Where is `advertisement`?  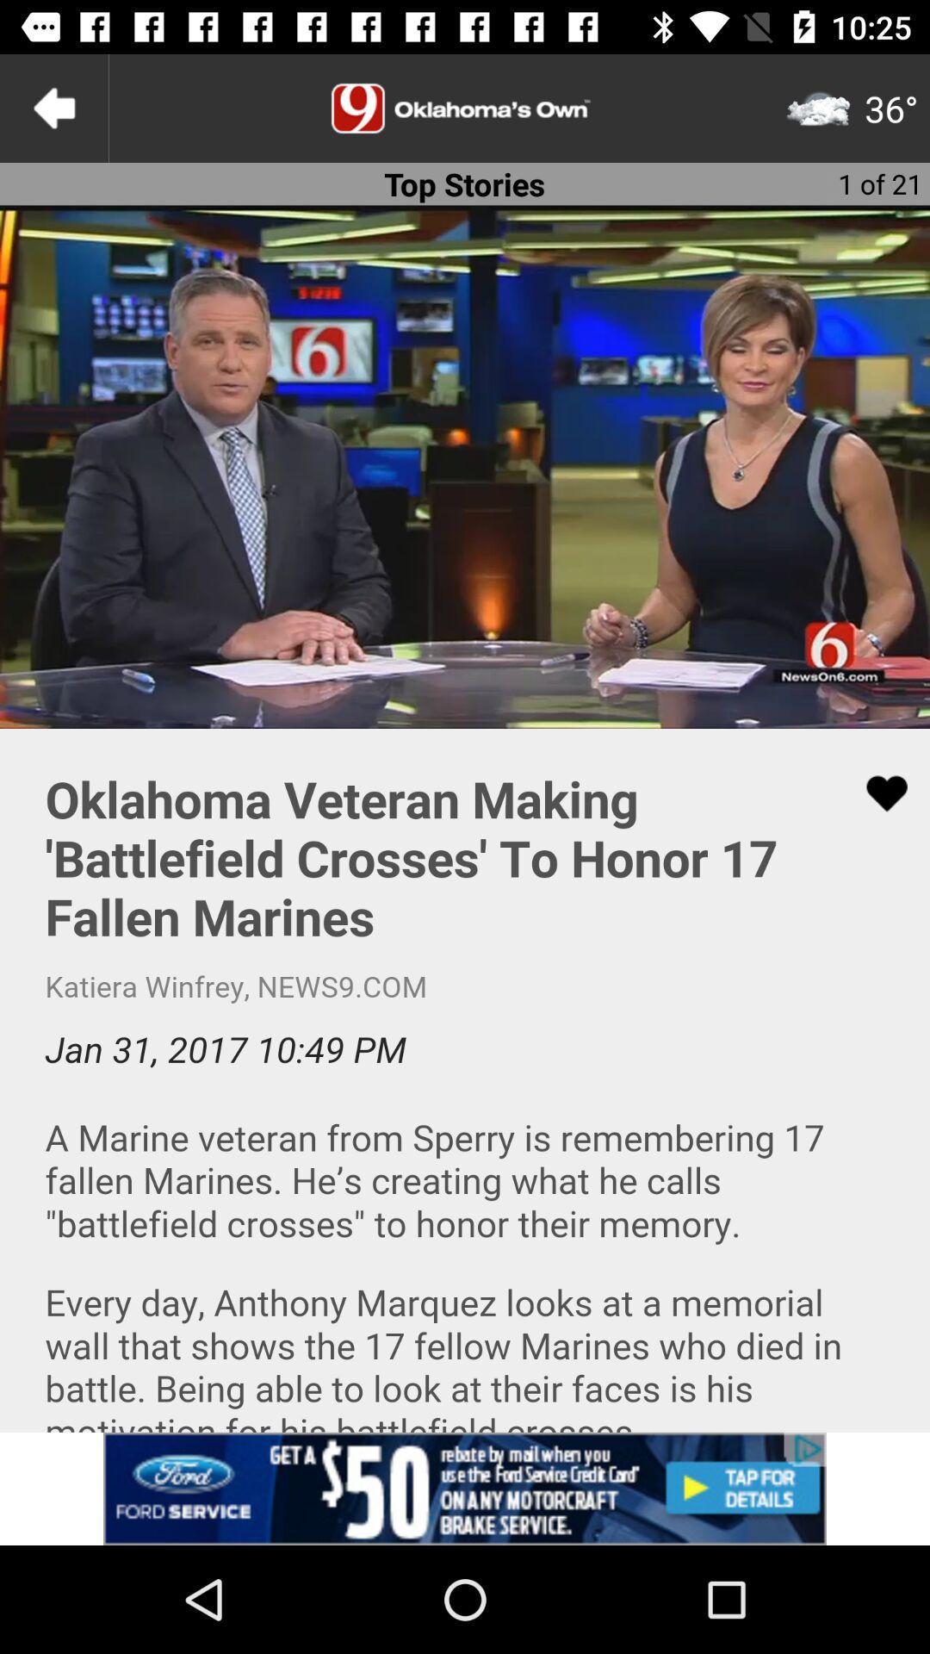
advertisement is located at coordinates (465, 1488).